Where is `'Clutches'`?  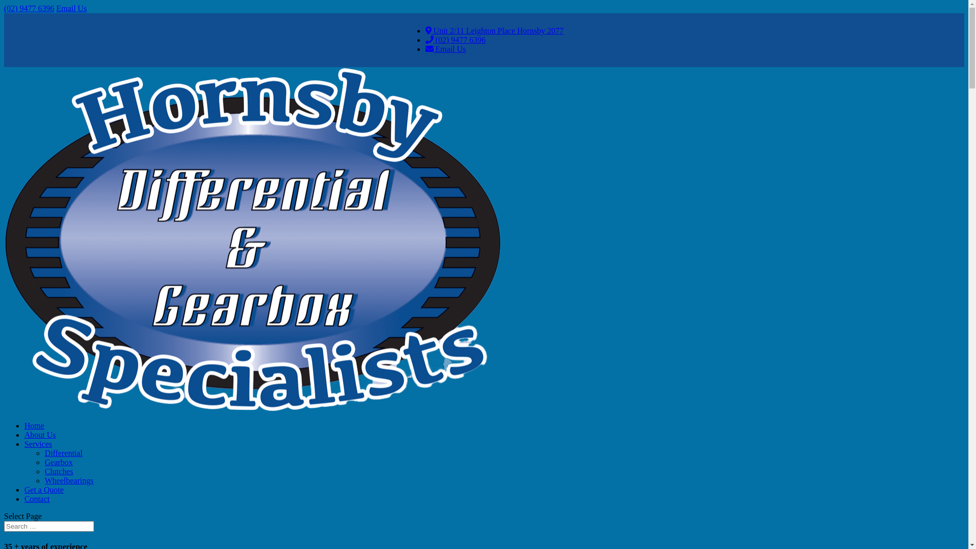
'Clutches' is located at coordinates (44, 471).